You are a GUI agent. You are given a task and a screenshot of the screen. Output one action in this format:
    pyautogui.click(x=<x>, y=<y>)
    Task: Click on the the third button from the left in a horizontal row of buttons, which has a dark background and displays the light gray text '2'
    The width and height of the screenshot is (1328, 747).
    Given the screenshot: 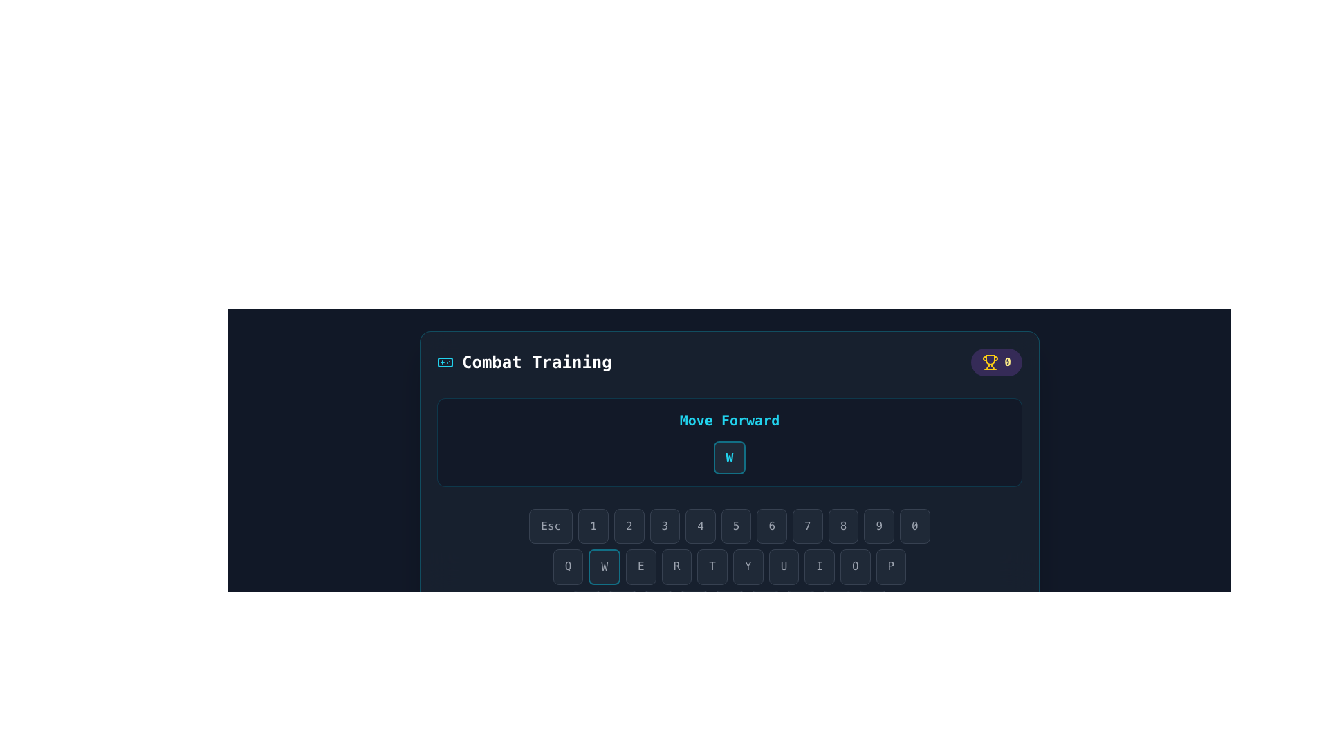 What is the action you would take?
    pyautogui.click(x=628, y=526)
    